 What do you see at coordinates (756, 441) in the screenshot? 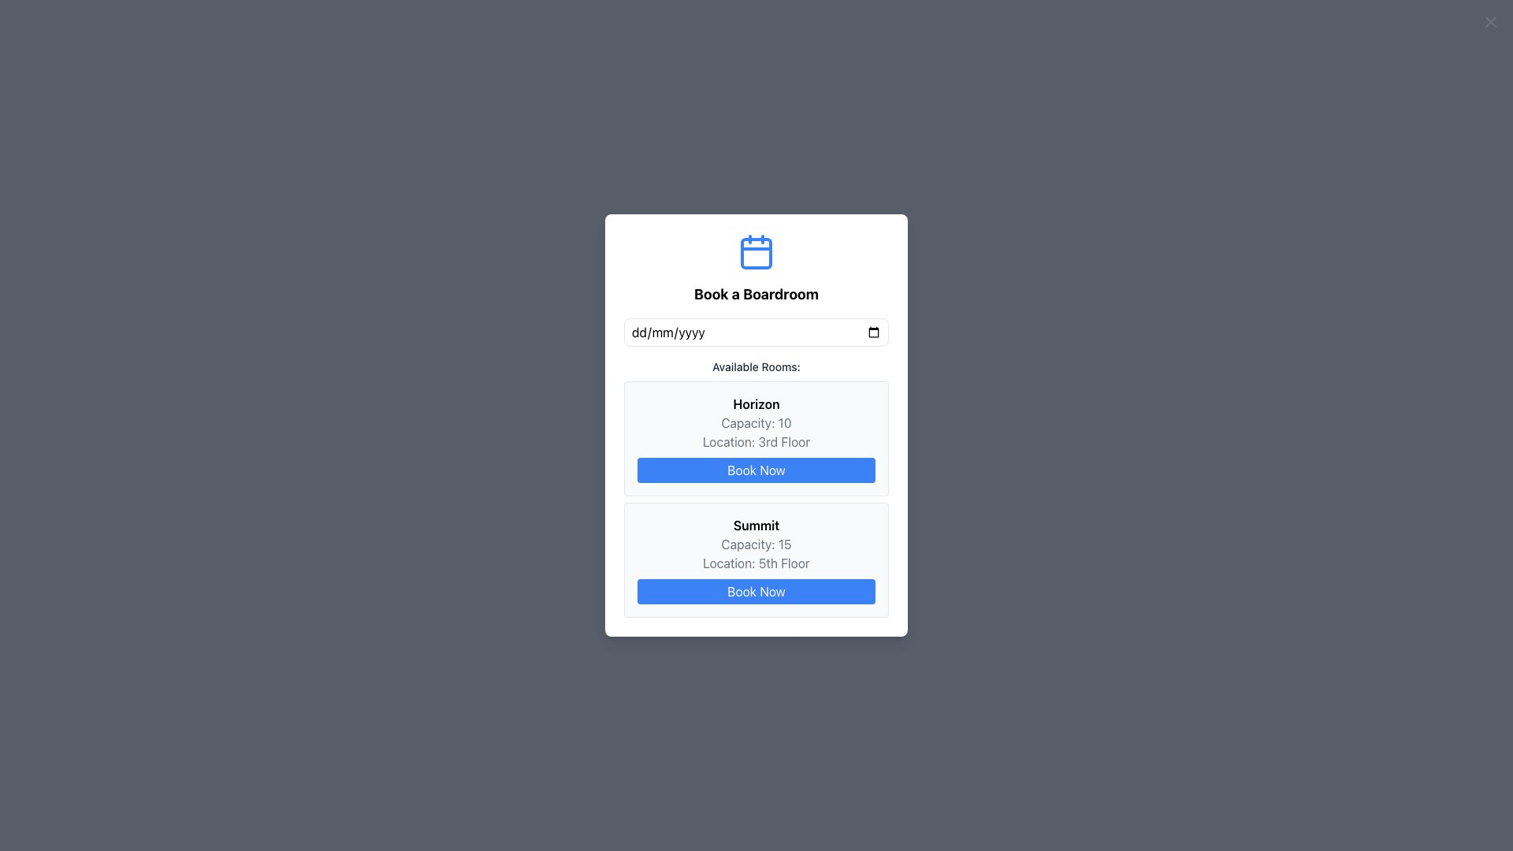
I see `the static text label that informs users about the location of the 'Horizon' boardroom on the 3rd floor, which is positioned below the 'Capacity: 10' label and above the 'Book Now' button` at bounding box center [756, 441].